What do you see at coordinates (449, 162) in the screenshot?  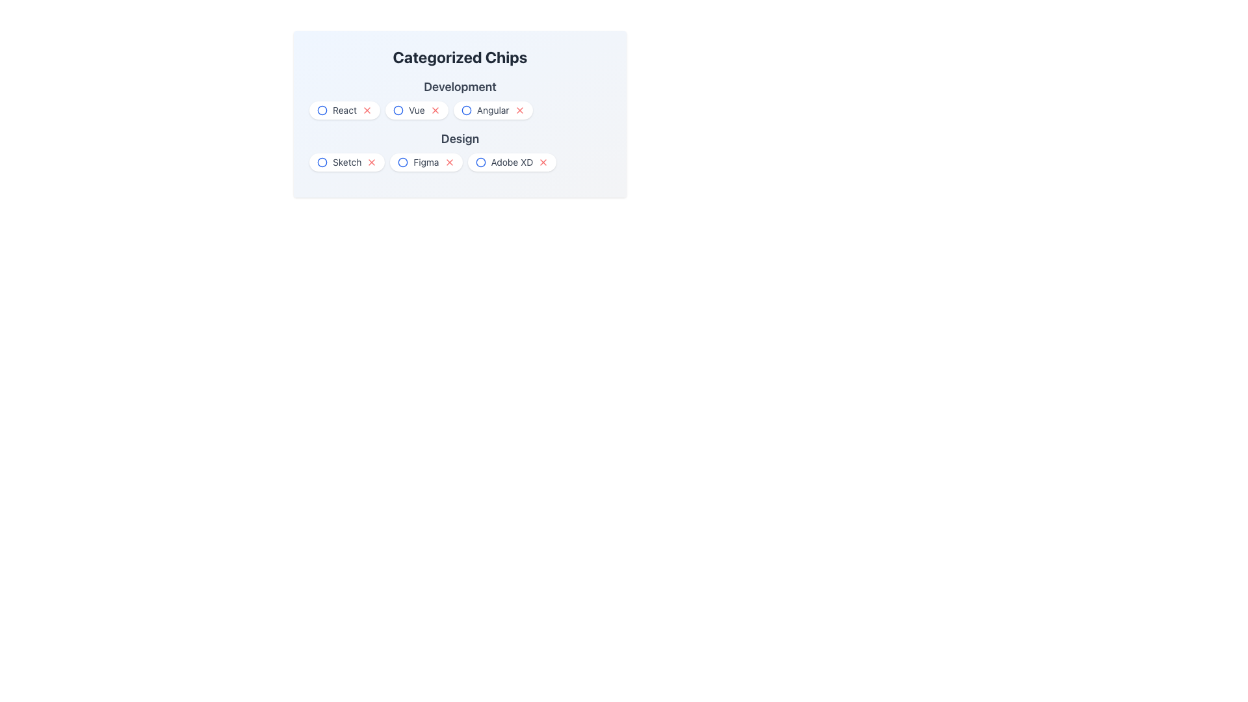 I see `the interactive red 'X' button located at the far right end inside the 'Figma' chip in the 'Design' category section for keyboard accessibility` at bounding box center [449, 162].